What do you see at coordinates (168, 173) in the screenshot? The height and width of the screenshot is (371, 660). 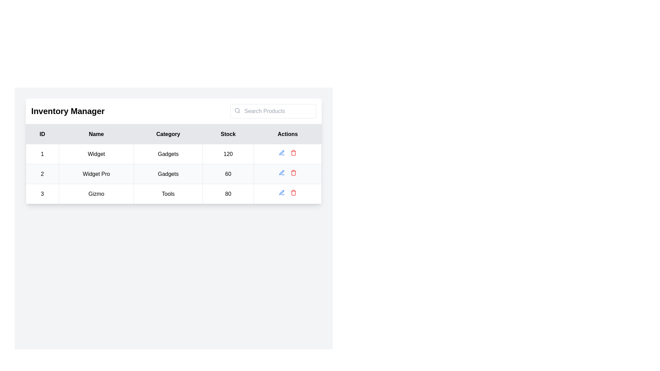 I see `the text label reading 'Gadgets' which is located in the 'Category' column of the second row in the table, adjacent to 'Widget Pro' in the 'Name' column and '60' in the 'Stock' column` at bounding box center [168, 173].